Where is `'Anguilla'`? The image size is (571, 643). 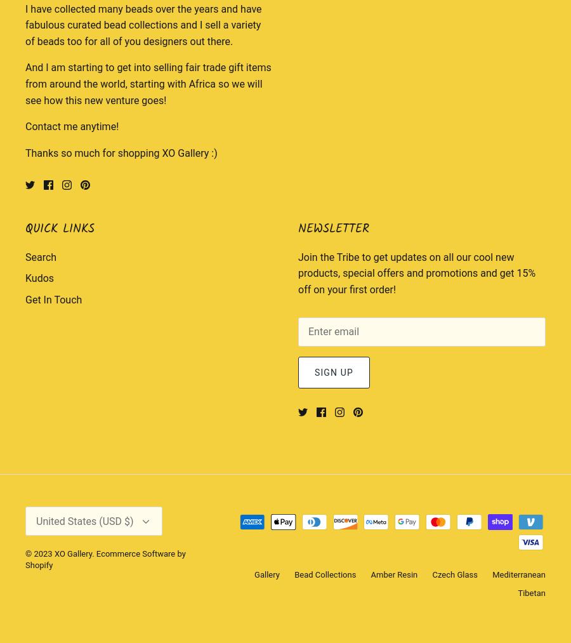 'Anguilla' is located at coordinates (34, 484).